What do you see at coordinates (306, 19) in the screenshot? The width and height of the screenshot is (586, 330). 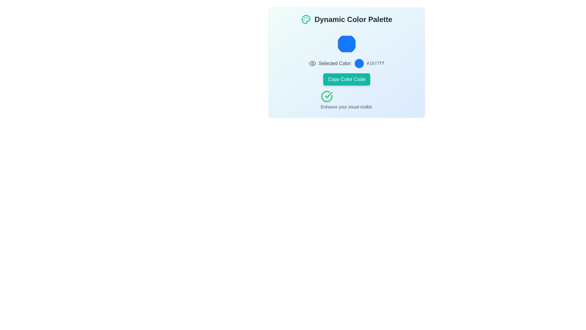 I see `the painter's palette icon located to the left of the 'Dynamic Color Palette' text in the header section` at bounding box center [306, 19].